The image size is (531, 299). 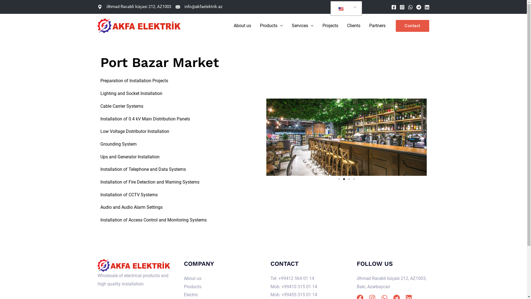 What do you see at coordinates (377, 25) in the screenshot?
I see `'Partners'` at bounding box center [377, 25].